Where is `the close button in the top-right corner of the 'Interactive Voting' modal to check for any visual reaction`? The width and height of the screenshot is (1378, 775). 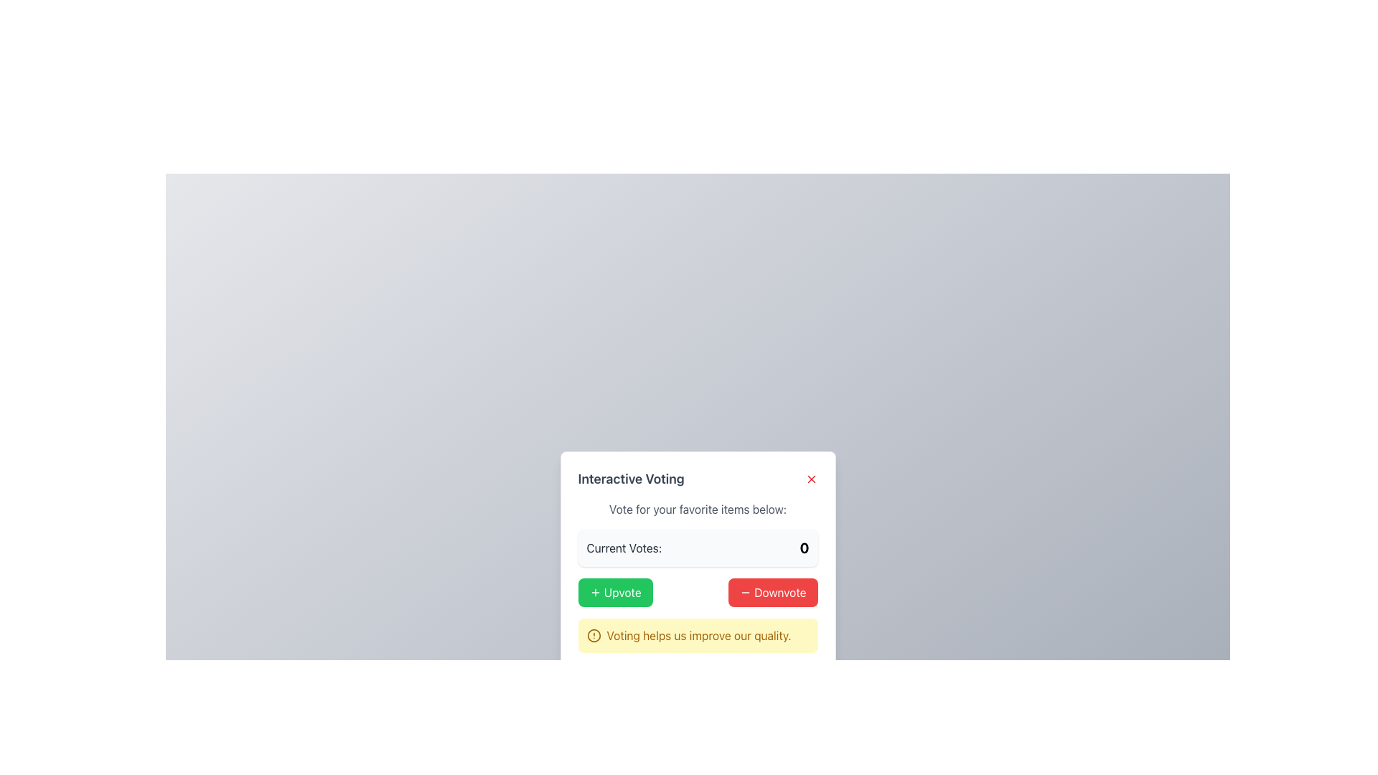
the close button in the top-right corner of the 'Interactive Voting' modal to check for any visual reaction is located at coordinates (811, 479).